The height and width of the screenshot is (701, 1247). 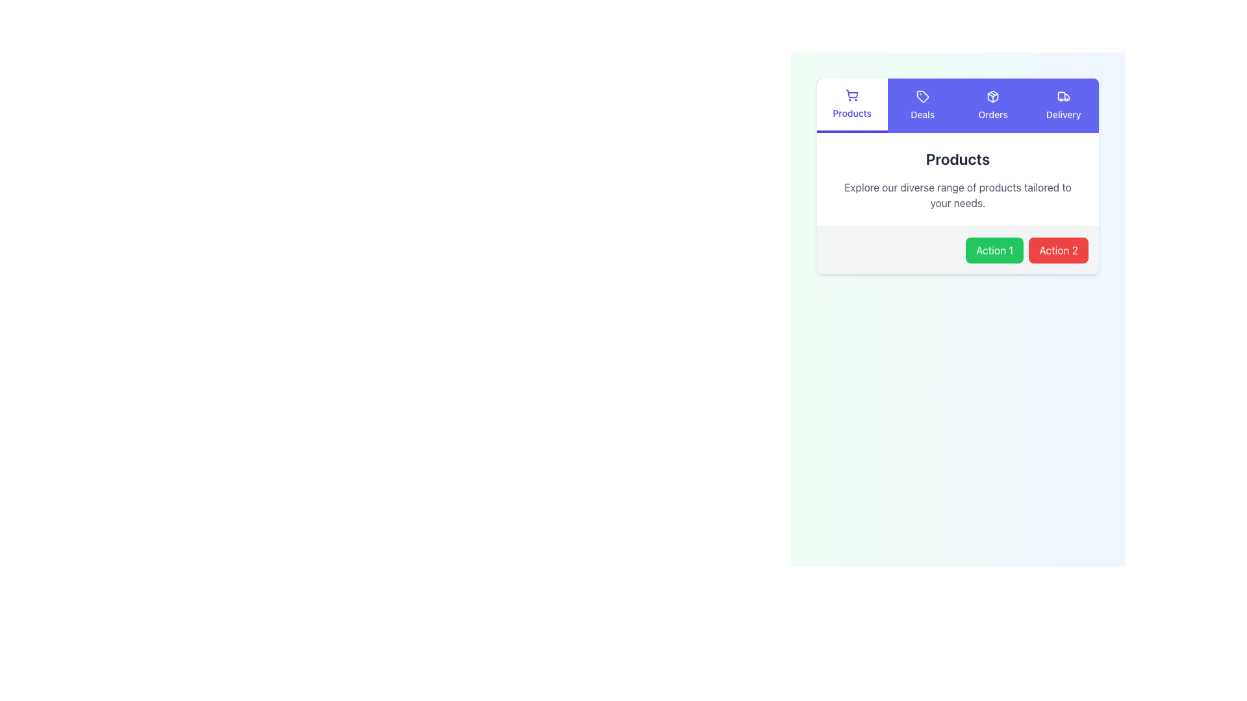 I want to click on the Navigation button with a truck icon and 'Delivery' text, so click(x=1063, y=105).